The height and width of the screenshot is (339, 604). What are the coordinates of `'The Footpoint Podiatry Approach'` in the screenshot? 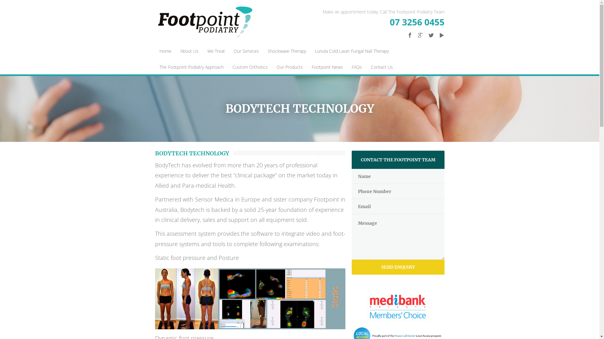 It's located at (191, 68).